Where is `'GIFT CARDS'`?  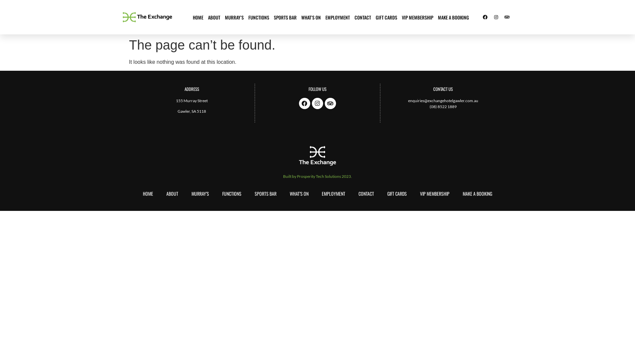 'GIFT CARDS' is located at coordinates (397, 193).